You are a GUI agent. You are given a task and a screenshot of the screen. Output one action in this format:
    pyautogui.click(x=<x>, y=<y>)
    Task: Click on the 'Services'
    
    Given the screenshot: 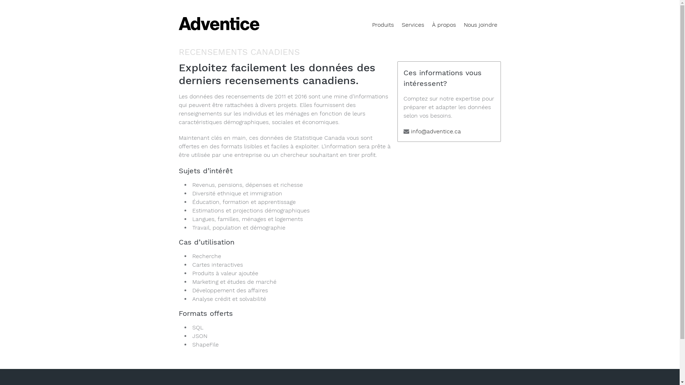 What is the action you would take?
    pyautogui.click(x=412, y=24)
    